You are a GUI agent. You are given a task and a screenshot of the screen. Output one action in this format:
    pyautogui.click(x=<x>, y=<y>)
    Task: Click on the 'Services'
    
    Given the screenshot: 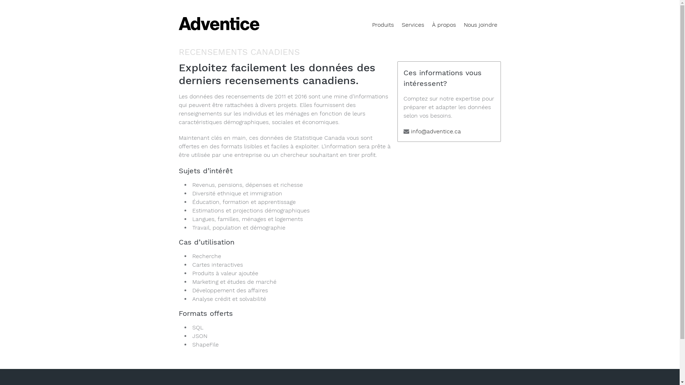 What is the action you would take?
    pyautogui.click(x=412, y=24)
    